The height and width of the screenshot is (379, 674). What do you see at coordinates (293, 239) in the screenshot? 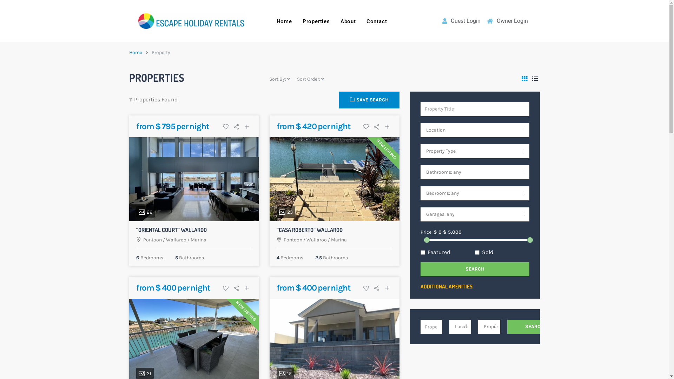
I see `'Pontoon'` at bounding box center [293, 239].